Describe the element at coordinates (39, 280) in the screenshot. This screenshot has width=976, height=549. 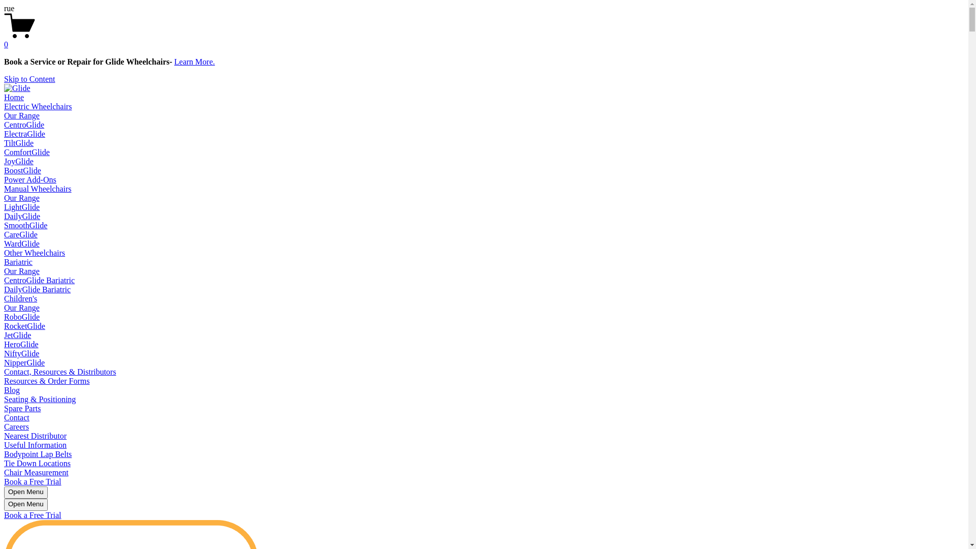
I see `'CentroGlide Bariatric'` at that location.